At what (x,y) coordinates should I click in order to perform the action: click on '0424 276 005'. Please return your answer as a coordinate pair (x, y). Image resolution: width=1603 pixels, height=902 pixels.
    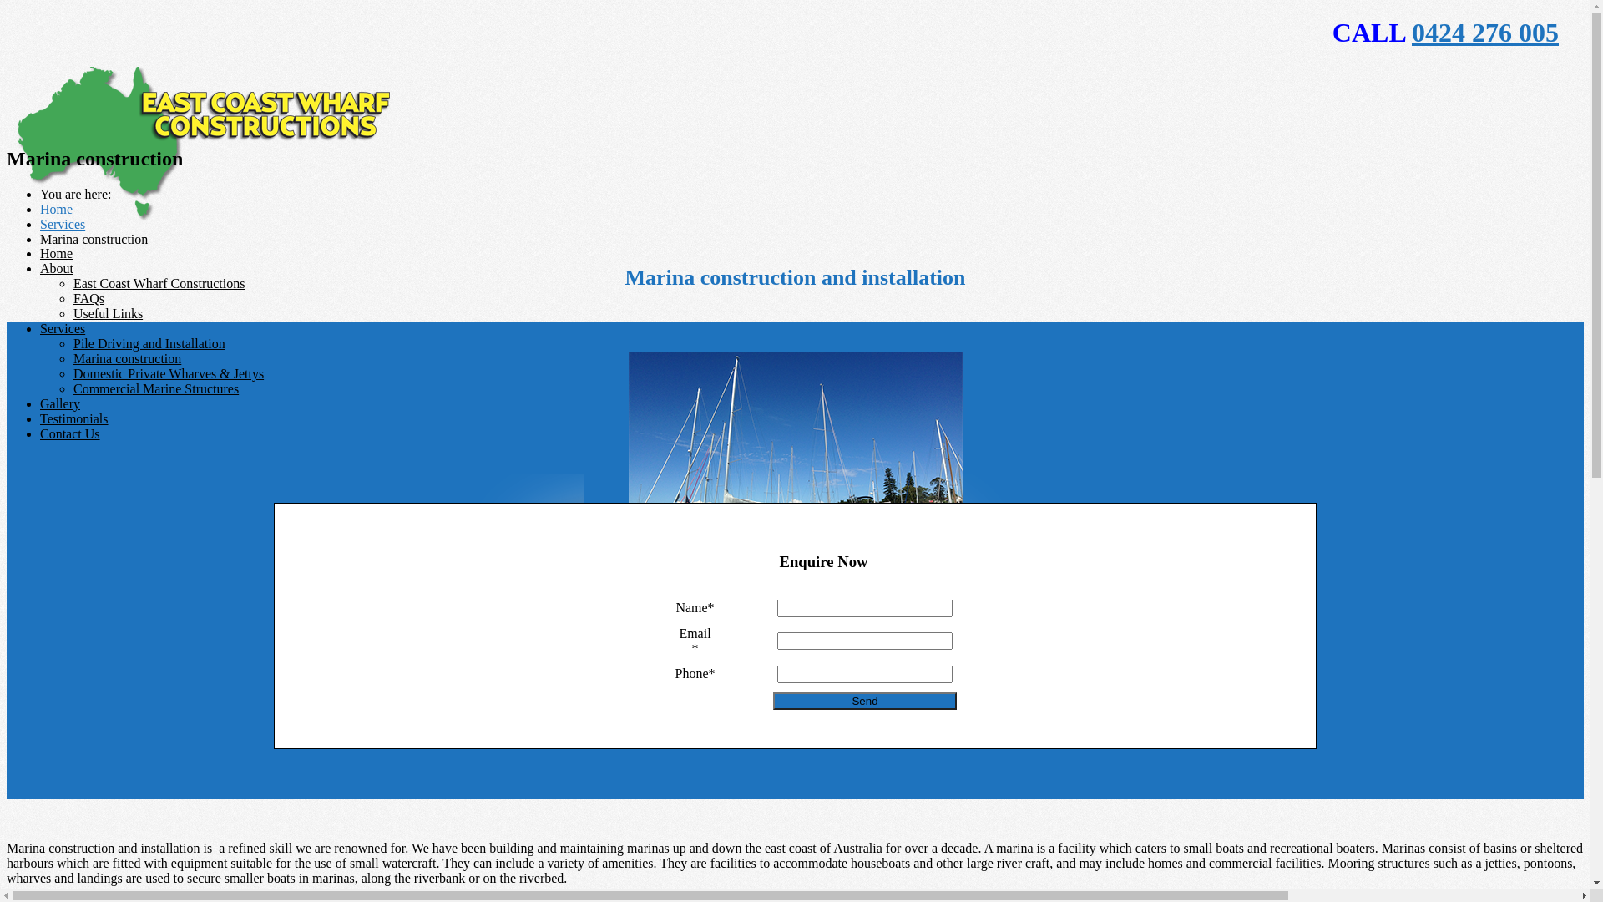
    Looking at the image, I should click on (1410, 32).